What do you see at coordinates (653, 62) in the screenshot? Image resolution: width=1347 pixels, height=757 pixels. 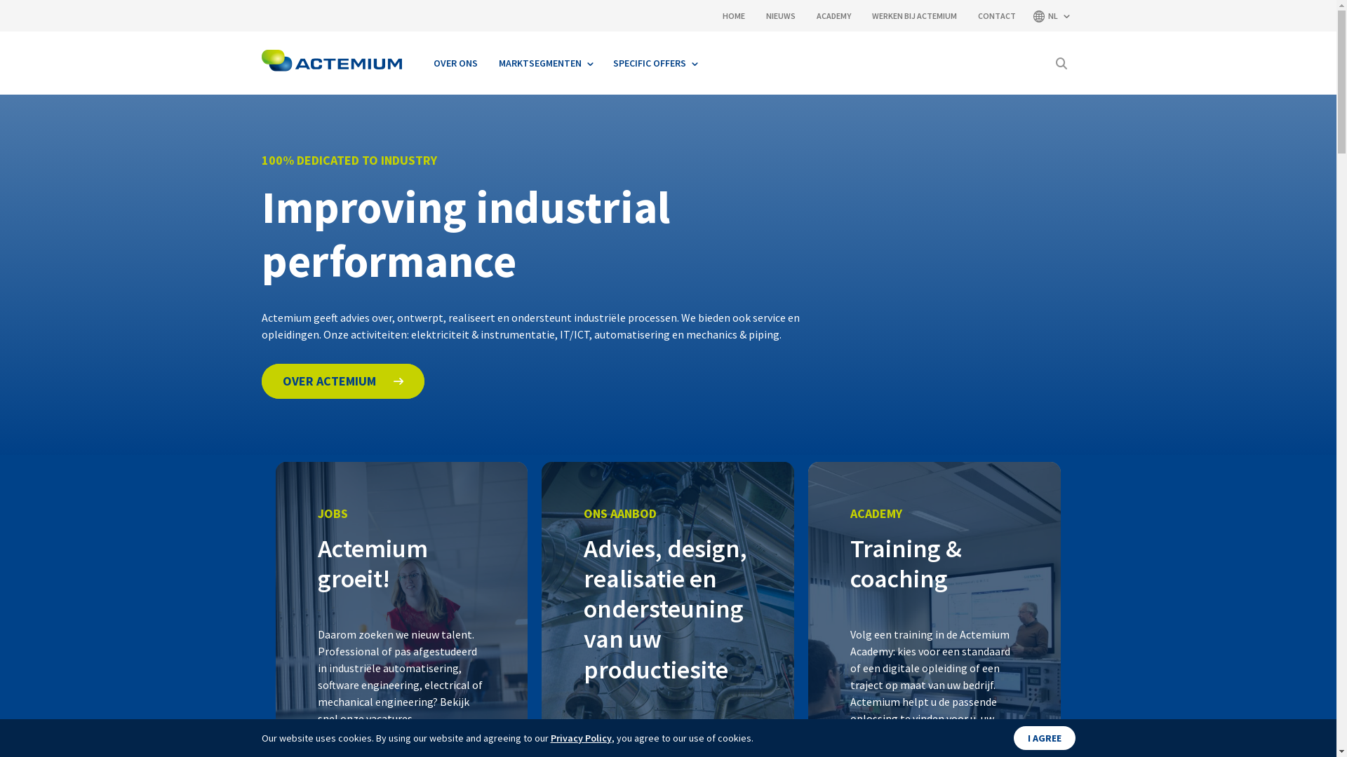 I see `'SPECIFIC OFFERS'` at bounding box center [653, 62].